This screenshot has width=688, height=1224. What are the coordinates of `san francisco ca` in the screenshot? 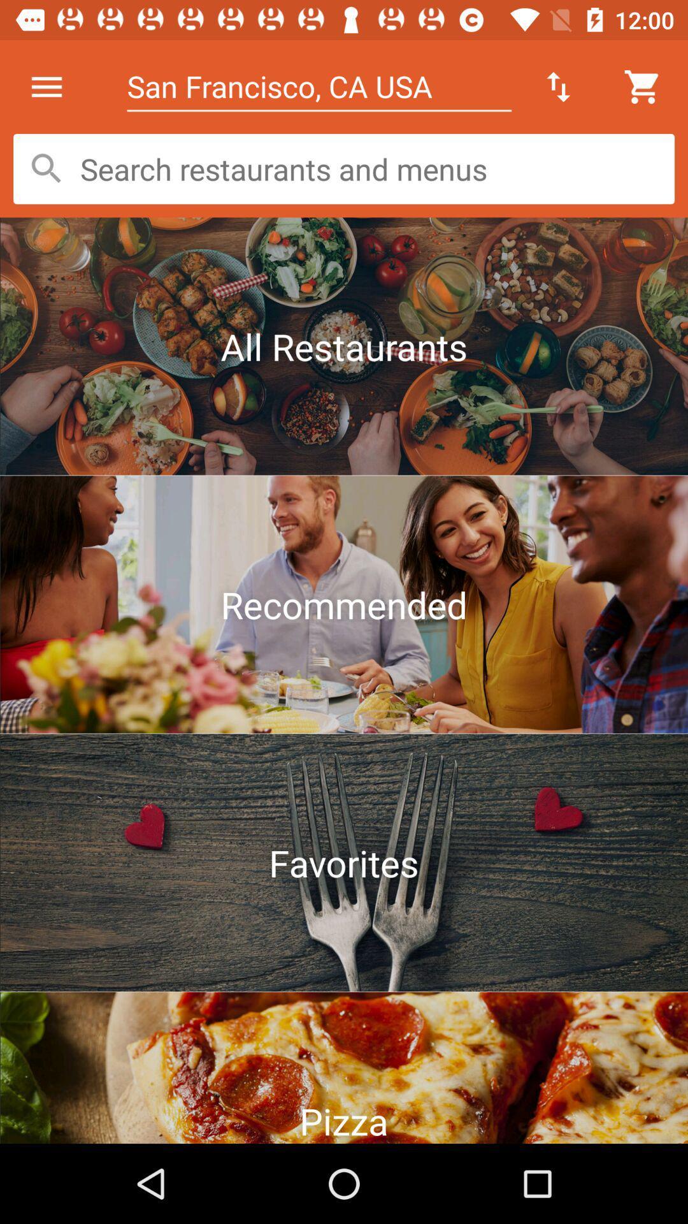 It's located at (319, 86).